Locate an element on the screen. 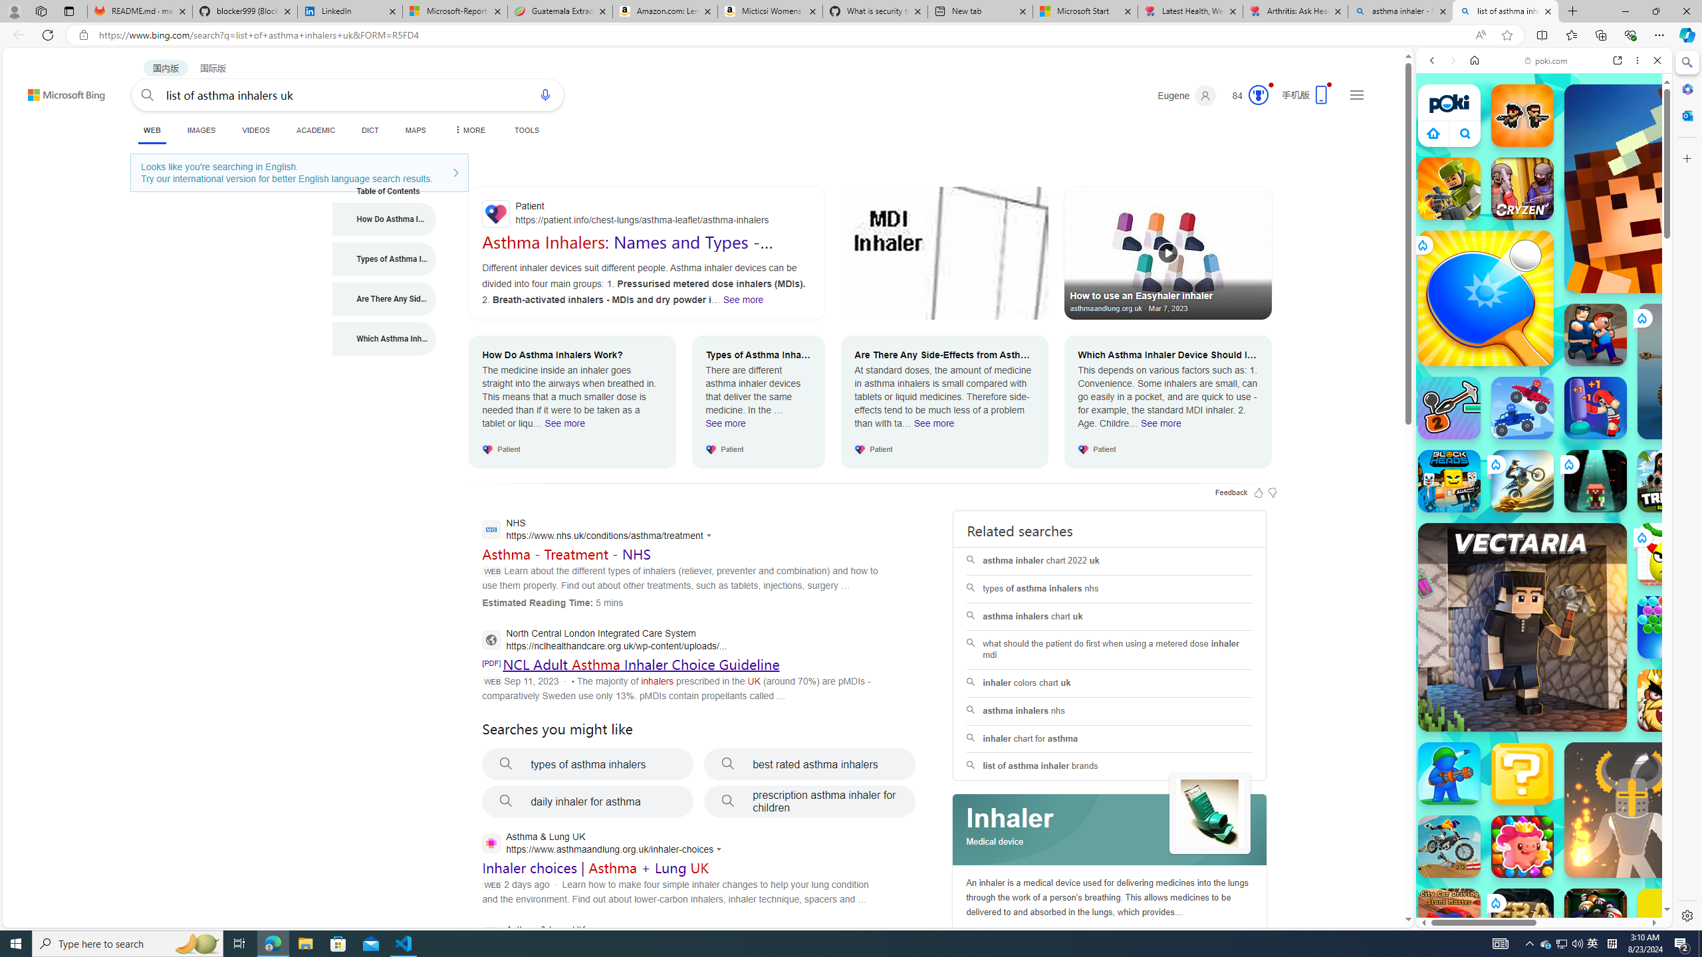 The image size is (1702, 957). 'War Master War Master' is located at coordinates (1448, 774).